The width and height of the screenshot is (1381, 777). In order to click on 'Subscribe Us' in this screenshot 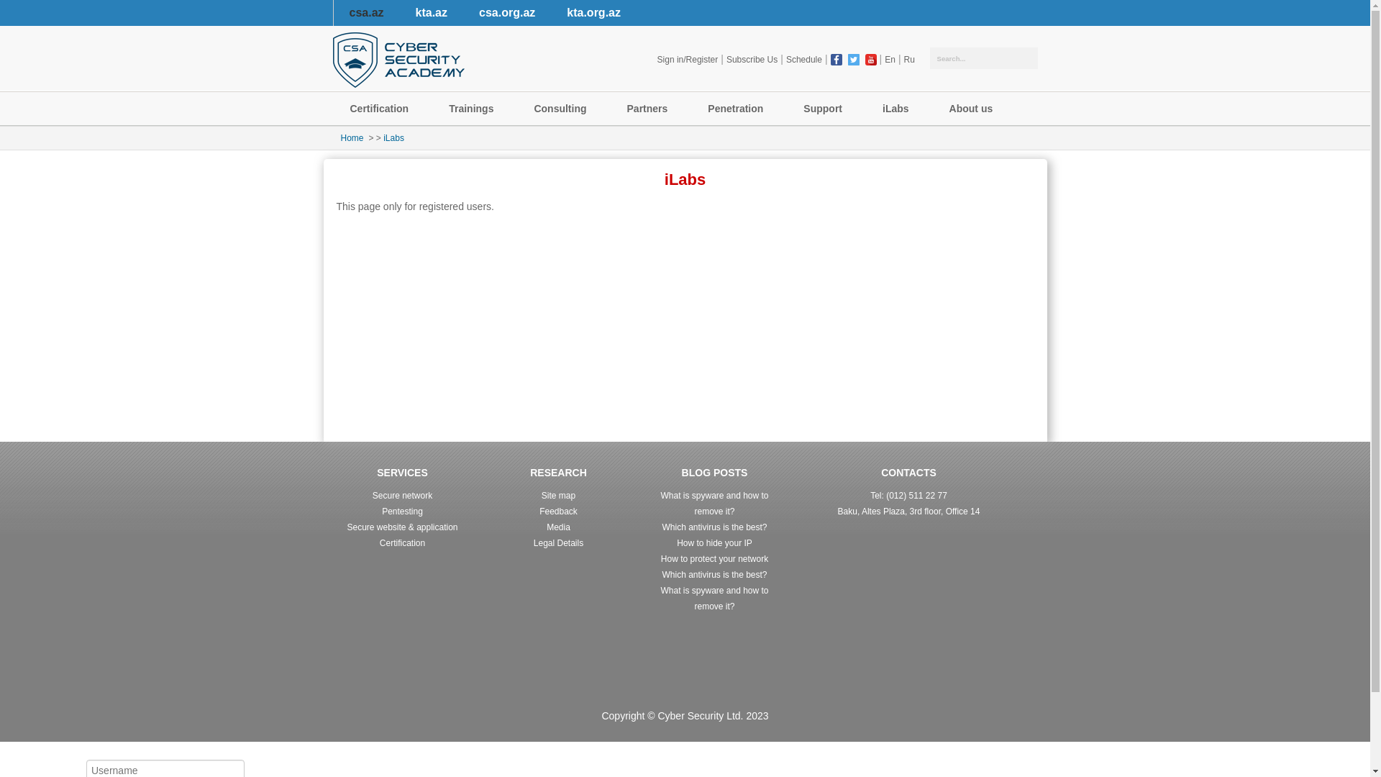, I will do `click(751, 59)`.